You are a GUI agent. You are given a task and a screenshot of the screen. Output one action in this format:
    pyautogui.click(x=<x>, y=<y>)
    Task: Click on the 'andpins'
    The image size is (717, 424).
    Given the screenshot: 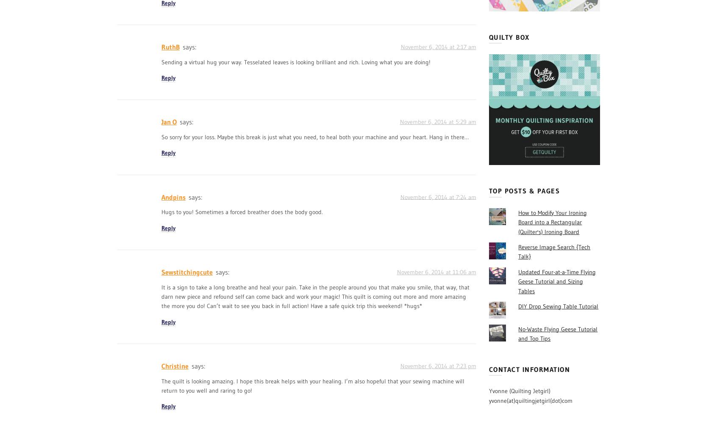 What is the action you would take?
    pyautogui.click(x=173, y=196)
    